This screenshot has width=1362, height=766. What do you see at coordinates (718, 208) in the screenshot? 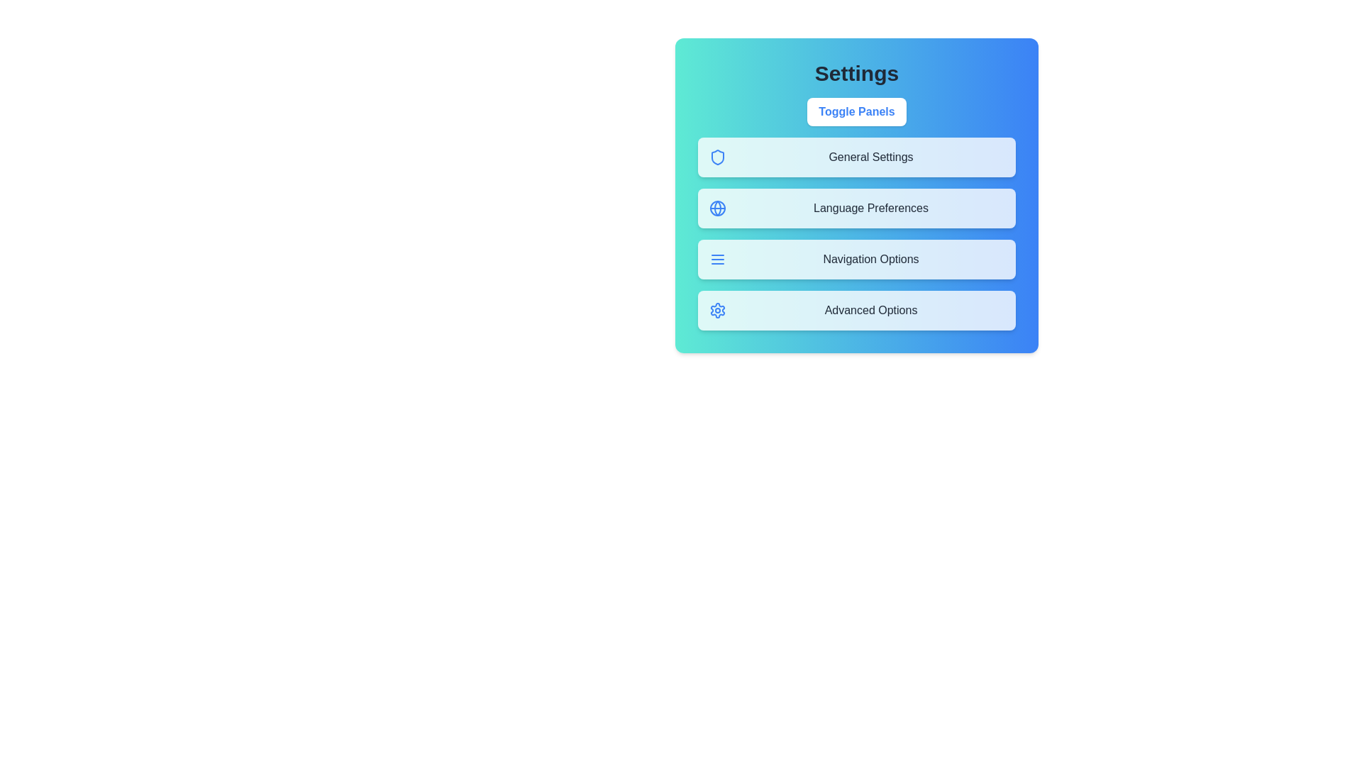
I see `the icon representing Language Preferences to inspect it` at bounding box center [718, 208].